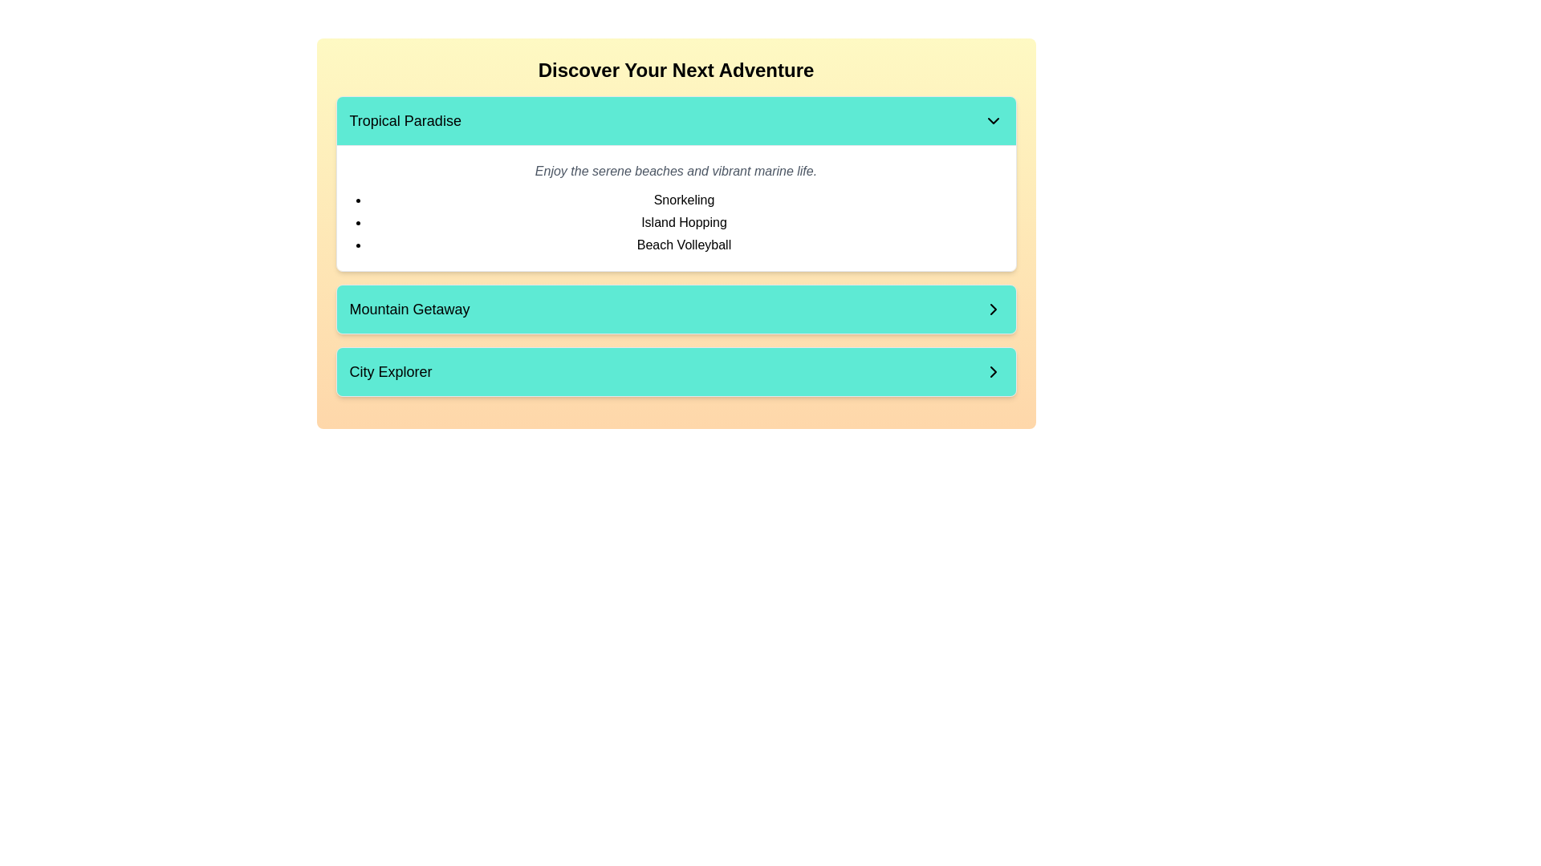 This screenshot has height=866, width=1541. What do you see at coordinates (992, 309) in the screenshot?
I see `the right-facing chevron icon on the teal background button labeled 'Mountain Getaway' for interactivity` at bounding box center [992, 309].